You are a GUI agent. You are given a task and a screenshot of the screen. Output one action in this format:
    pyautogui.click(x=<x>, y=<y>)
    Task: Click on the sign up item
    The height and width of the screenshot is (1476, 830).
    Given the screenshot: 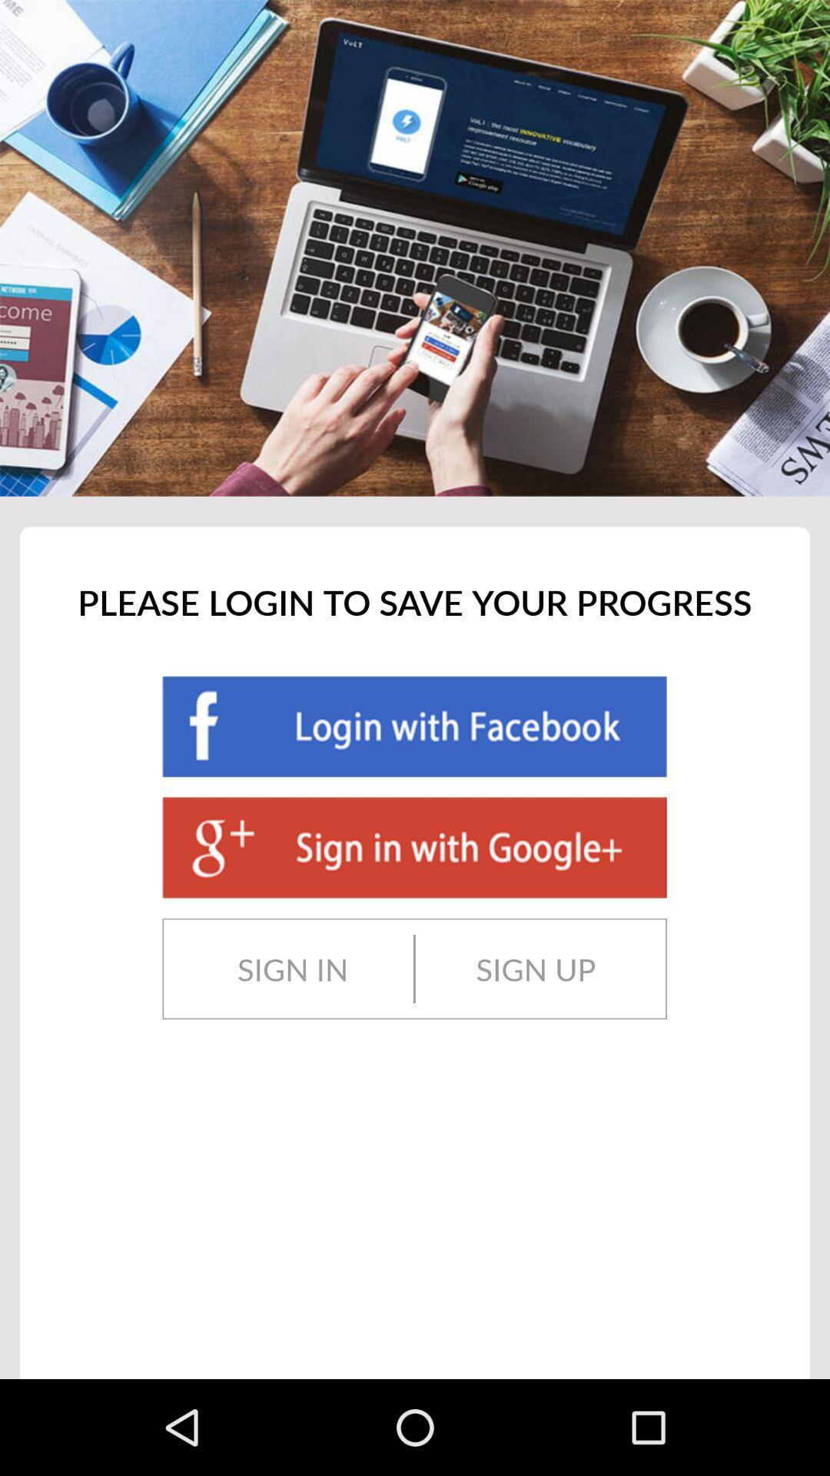 What is the action you would take?
    pyautogui.click(x=535, y=968)
    